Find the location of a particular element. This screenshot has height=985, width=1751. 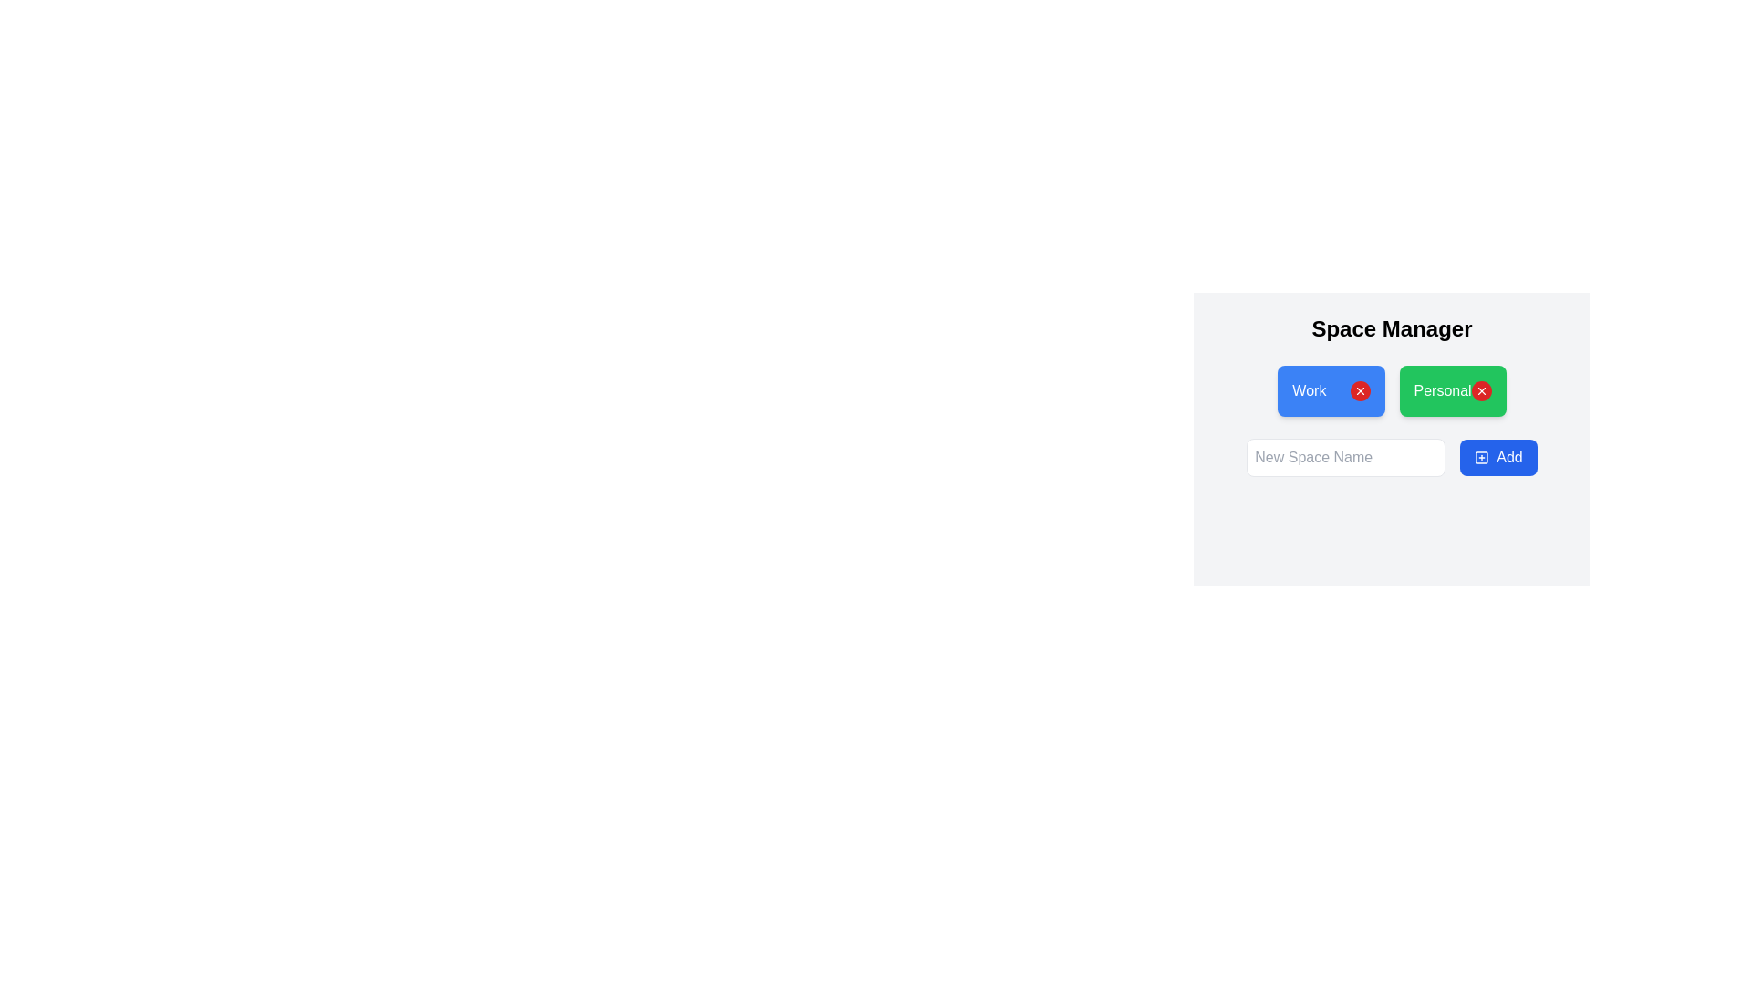

the delete button located on the right side of the 'Work' button is located at coordinates (1360, 389).